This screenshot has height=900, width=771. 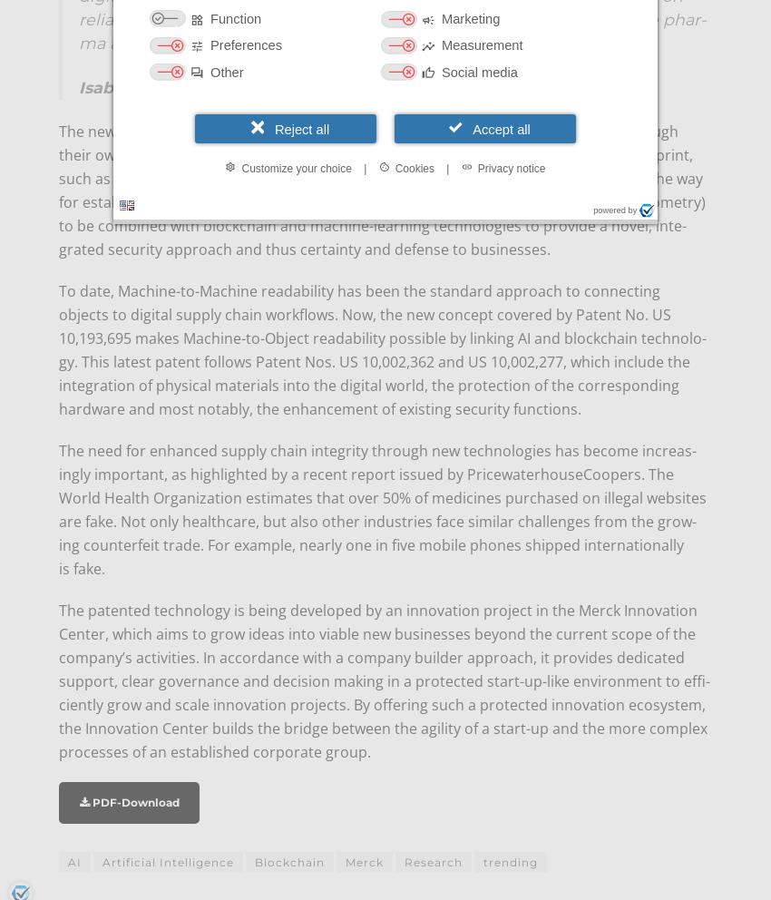 What do you see at coordinates (478, 71) in the screenshot?
I see `'Social media'` at bounding box center [478, 71].